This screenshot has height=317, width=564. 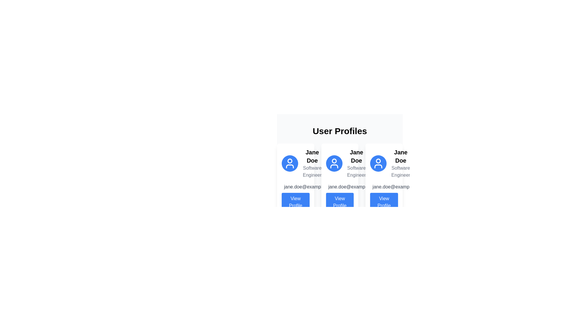 I want to click on the second user profile icon from the left under the 'User Profiles' header, which visually represents a user associated with the profile data, so click(x=334, y=163).